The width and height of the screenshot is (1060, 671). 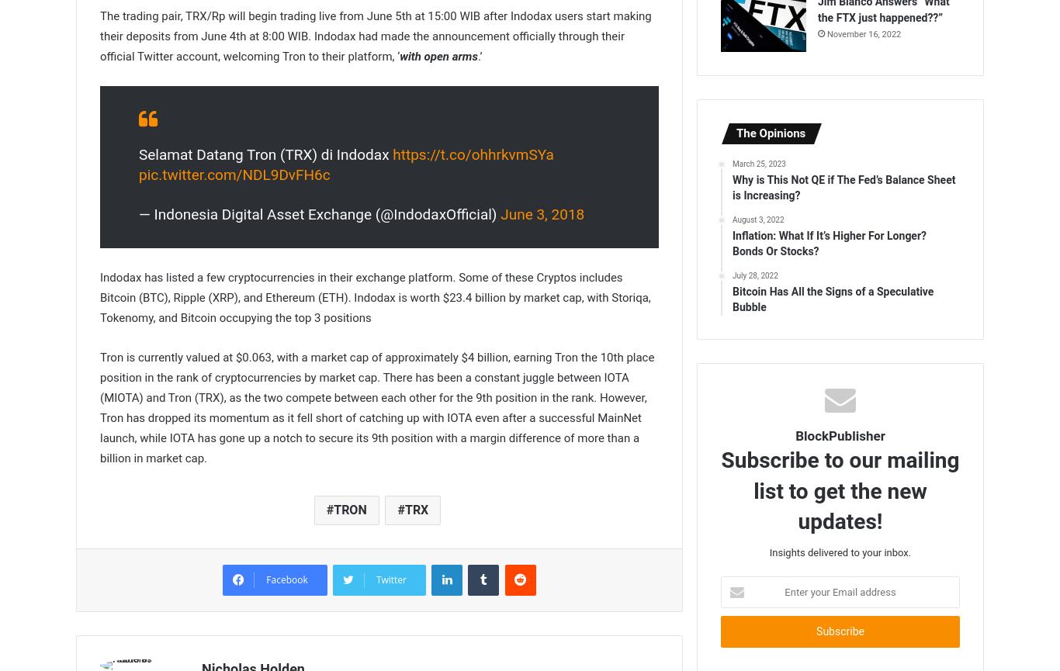 What do you see at coordinates (404, 509) in the screenshot?
I see `'TRX'` at bounding box center [404, 509].